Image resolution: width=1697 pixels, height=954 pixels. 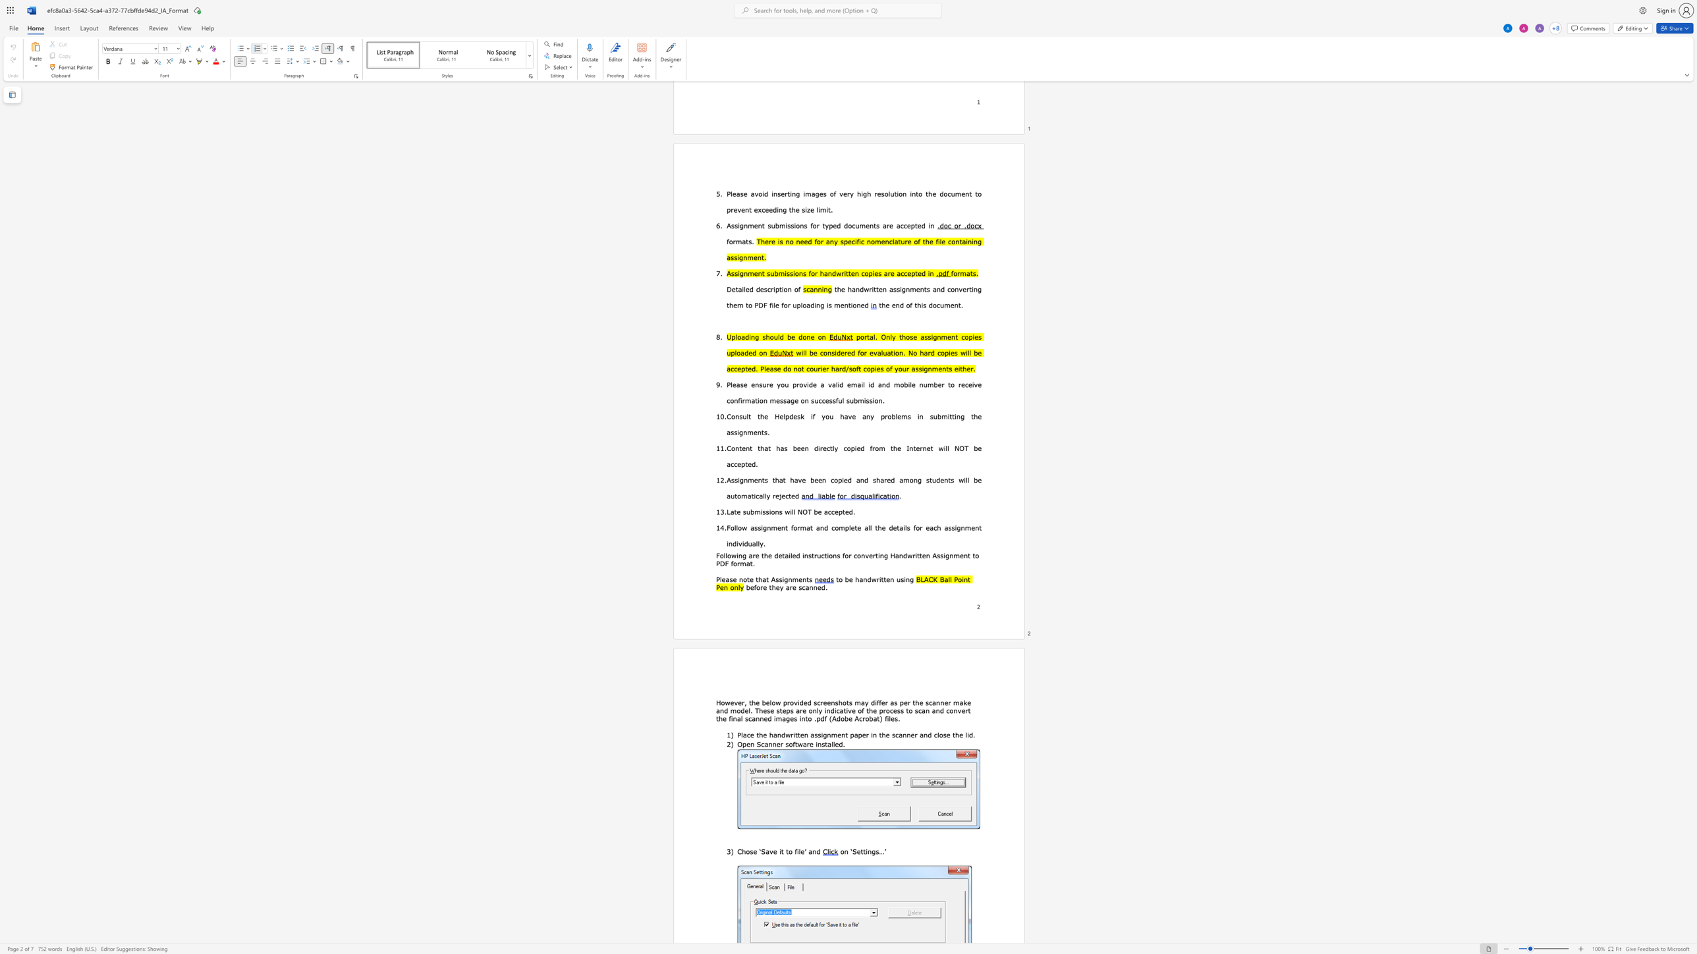 What do you see at coordinates (862, 851) in the screenshot?
I see `the space between the continuous character "t" and "t" in the text` at bounding box center [862, 851].